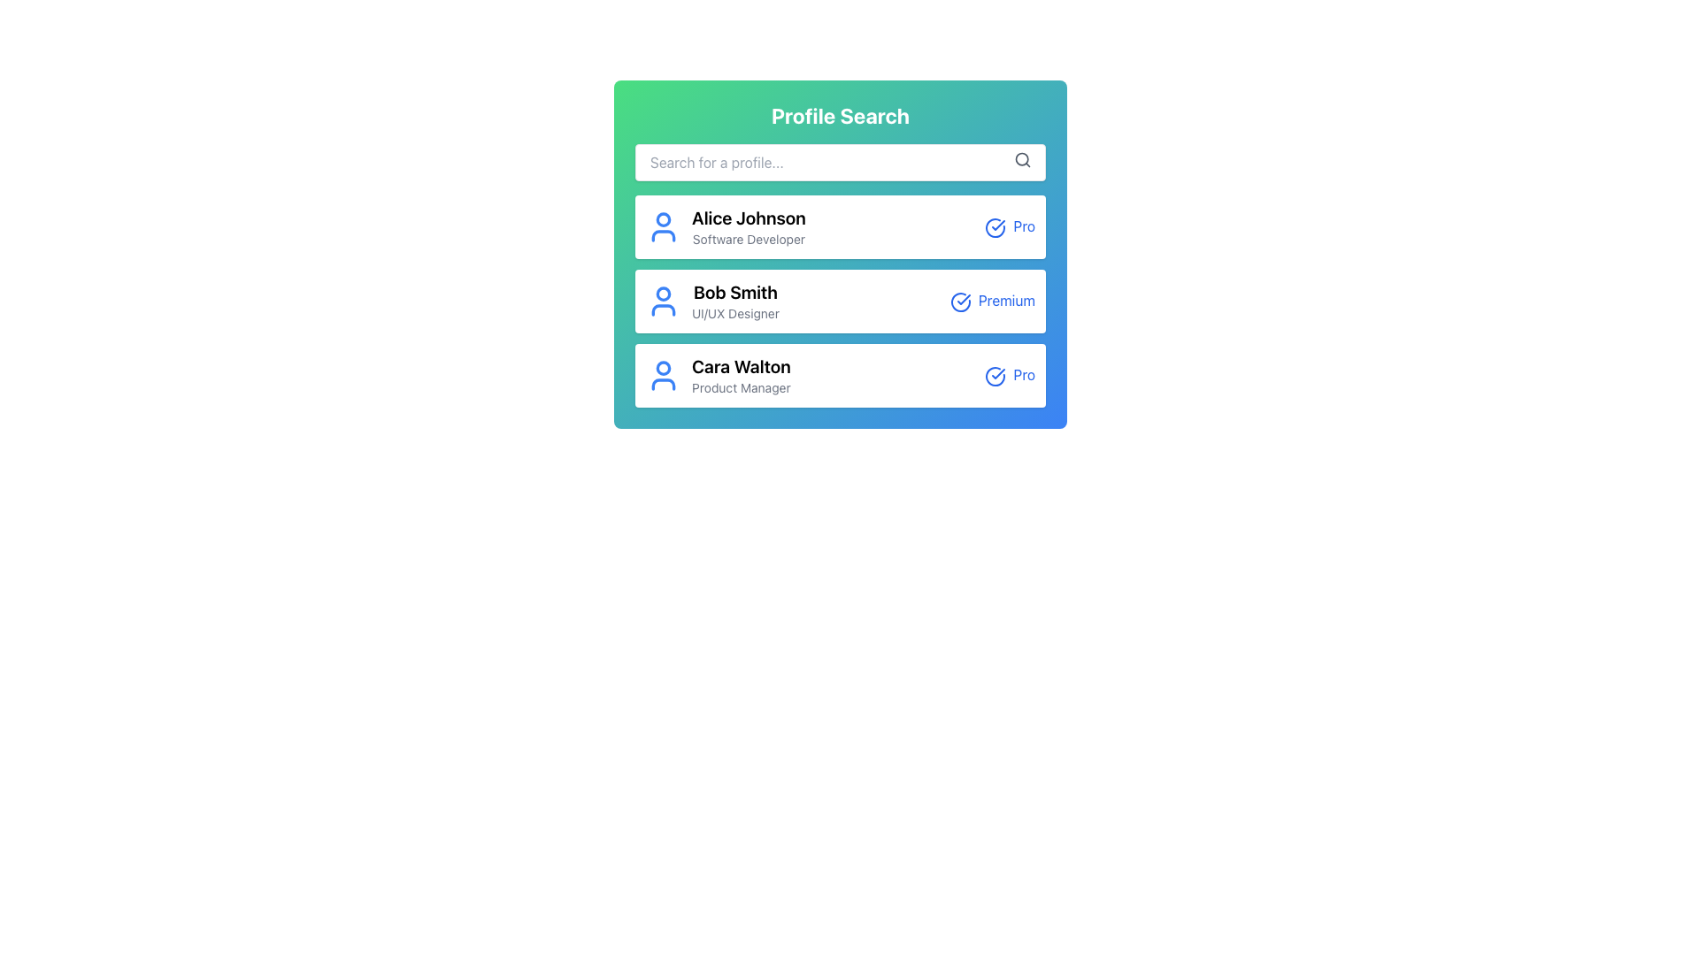 The height and width of the screenshot is (955, 1699). I want to click on the blue checkmark icon located at the right side of Bob Smith's profile entry, so click(998, 224).